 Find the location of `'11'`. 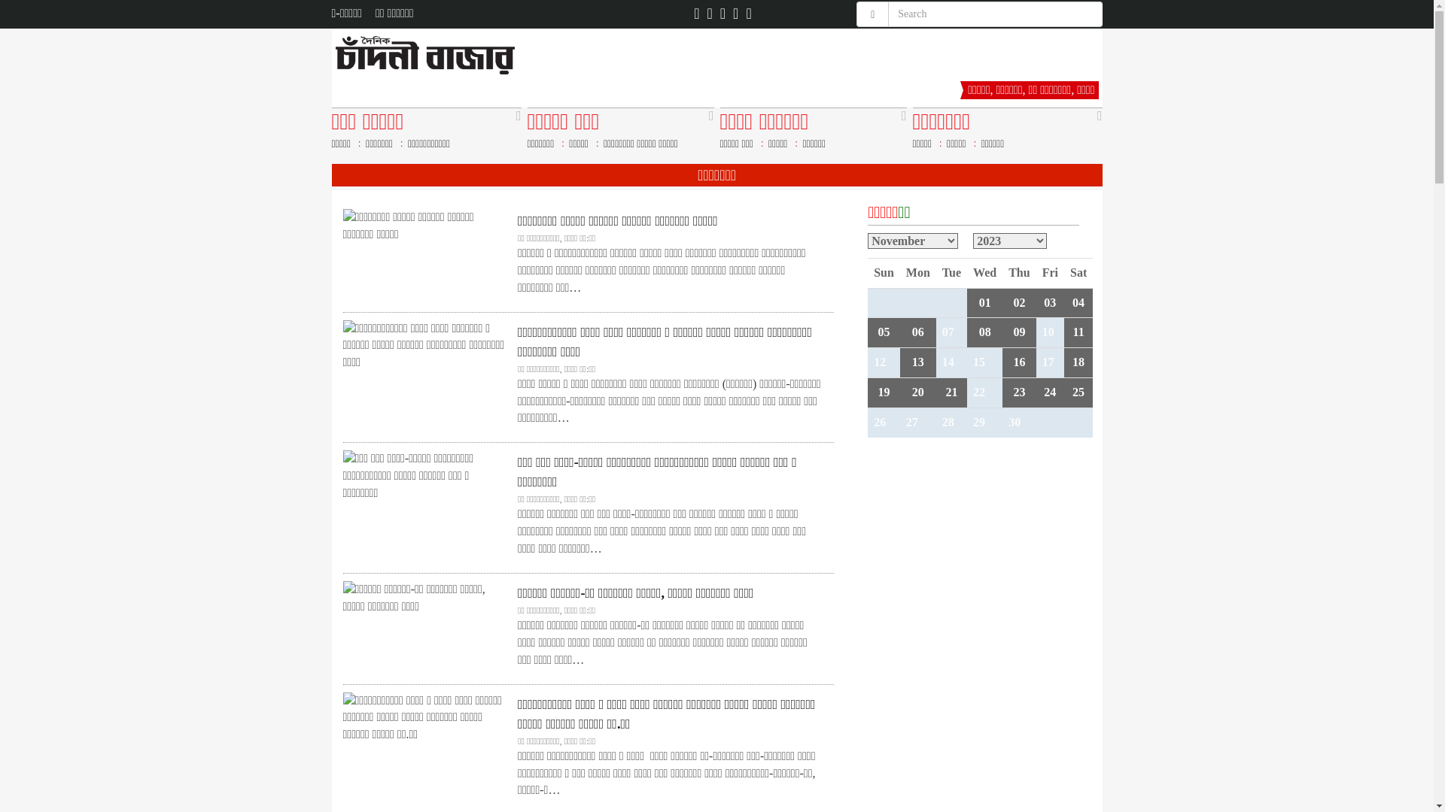

'11' is located at coordinates (1078, 331).